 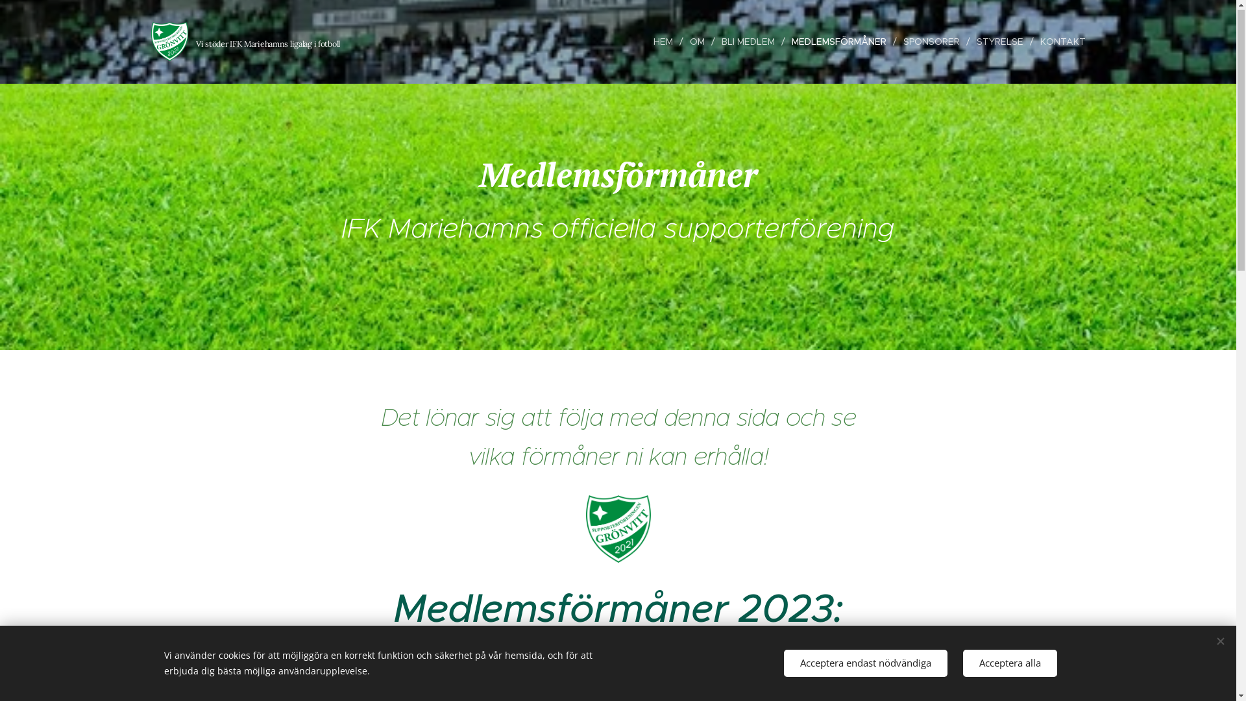 What do you see at coordinates (1009, 663) in the screenshot?
I see `'Acceptera alla'` at bounding box center [1009, 663].